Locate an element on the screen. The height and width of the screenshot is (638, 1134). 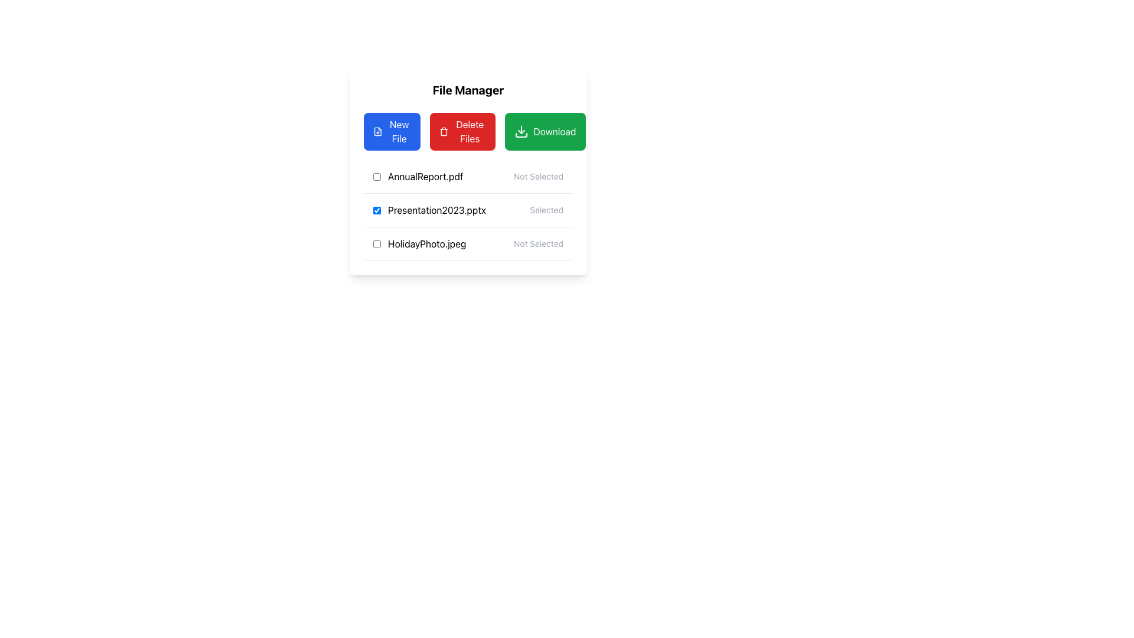
the trash can icon located within the 'Delete Files' button, which is styled with a red background and rounded corners is located at coordinates (444, 132).